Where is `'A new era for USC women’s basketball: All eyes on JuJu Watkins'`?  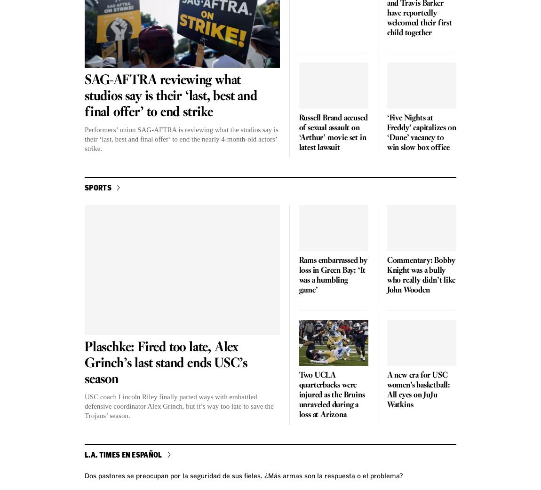 'A new era for USC women’s basketball: All eyes on JuJu Watkins' is located at coordinates (418, 390).